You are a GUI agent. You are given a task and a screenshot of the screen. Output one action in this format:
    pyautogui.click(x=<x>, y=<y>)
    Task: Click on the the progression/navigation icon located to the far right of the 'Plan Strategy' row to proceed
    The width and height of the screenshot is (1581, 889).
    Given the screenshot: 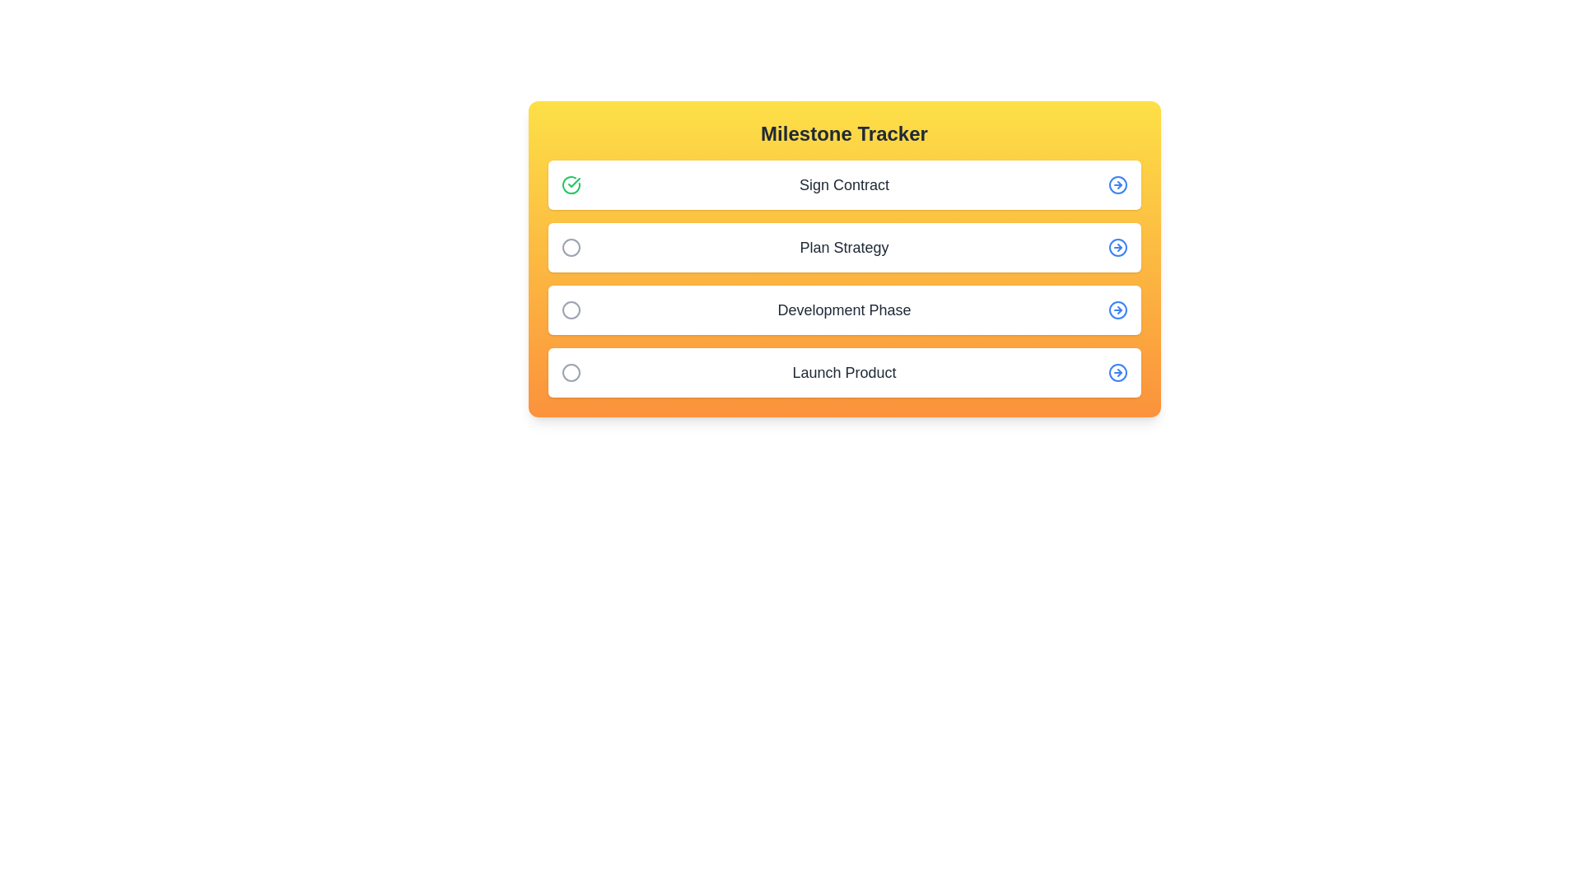 What is the action you would take?
    pyautogui.click(x=1117, y=247)
    